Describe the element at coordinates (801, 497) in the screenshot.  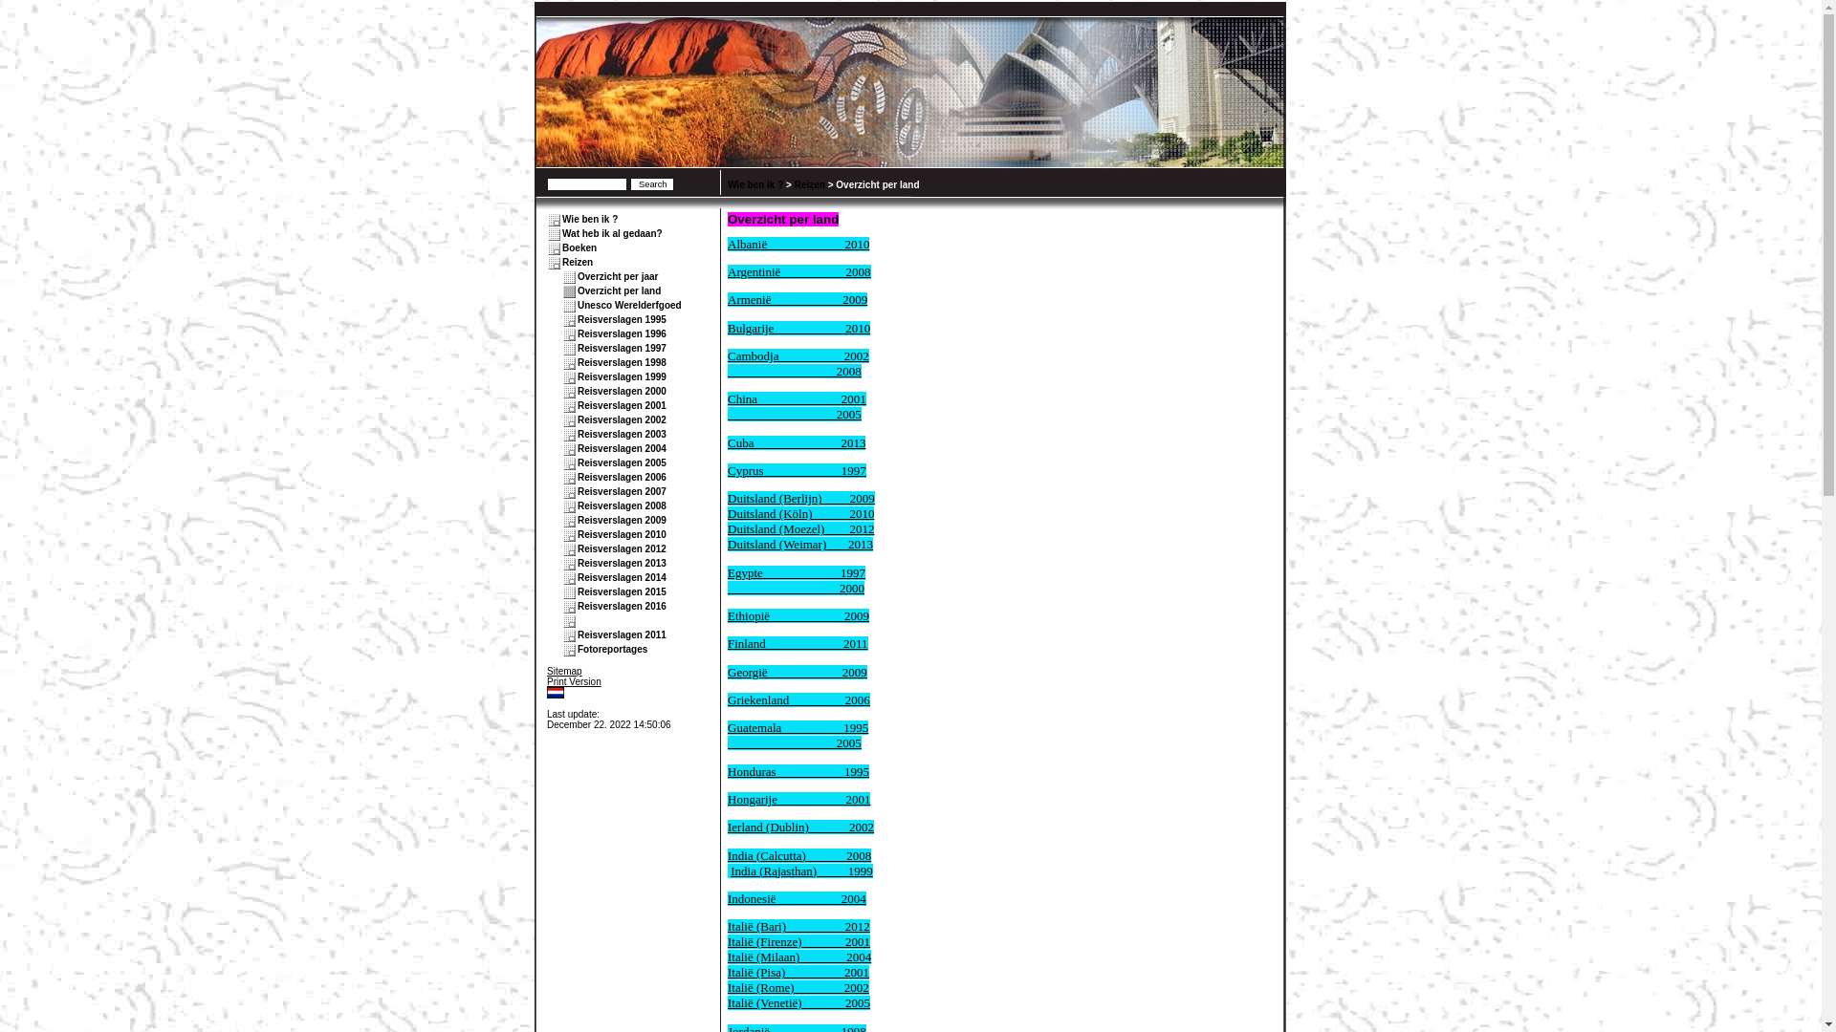
I see `'Duitsland (Berlijn)         2009'` at that location.